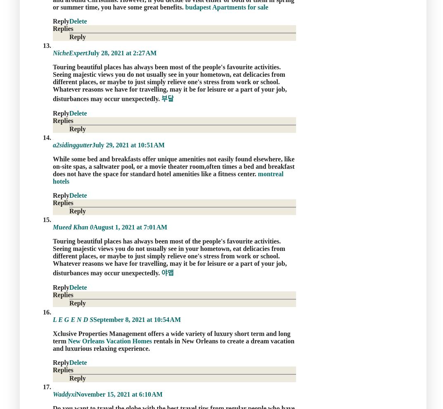  What do you see at coordinates (93, 319) in the screenshot?
I see `'September 8, 2021 at 10:54 AM'` at bounding box center [93, 319].